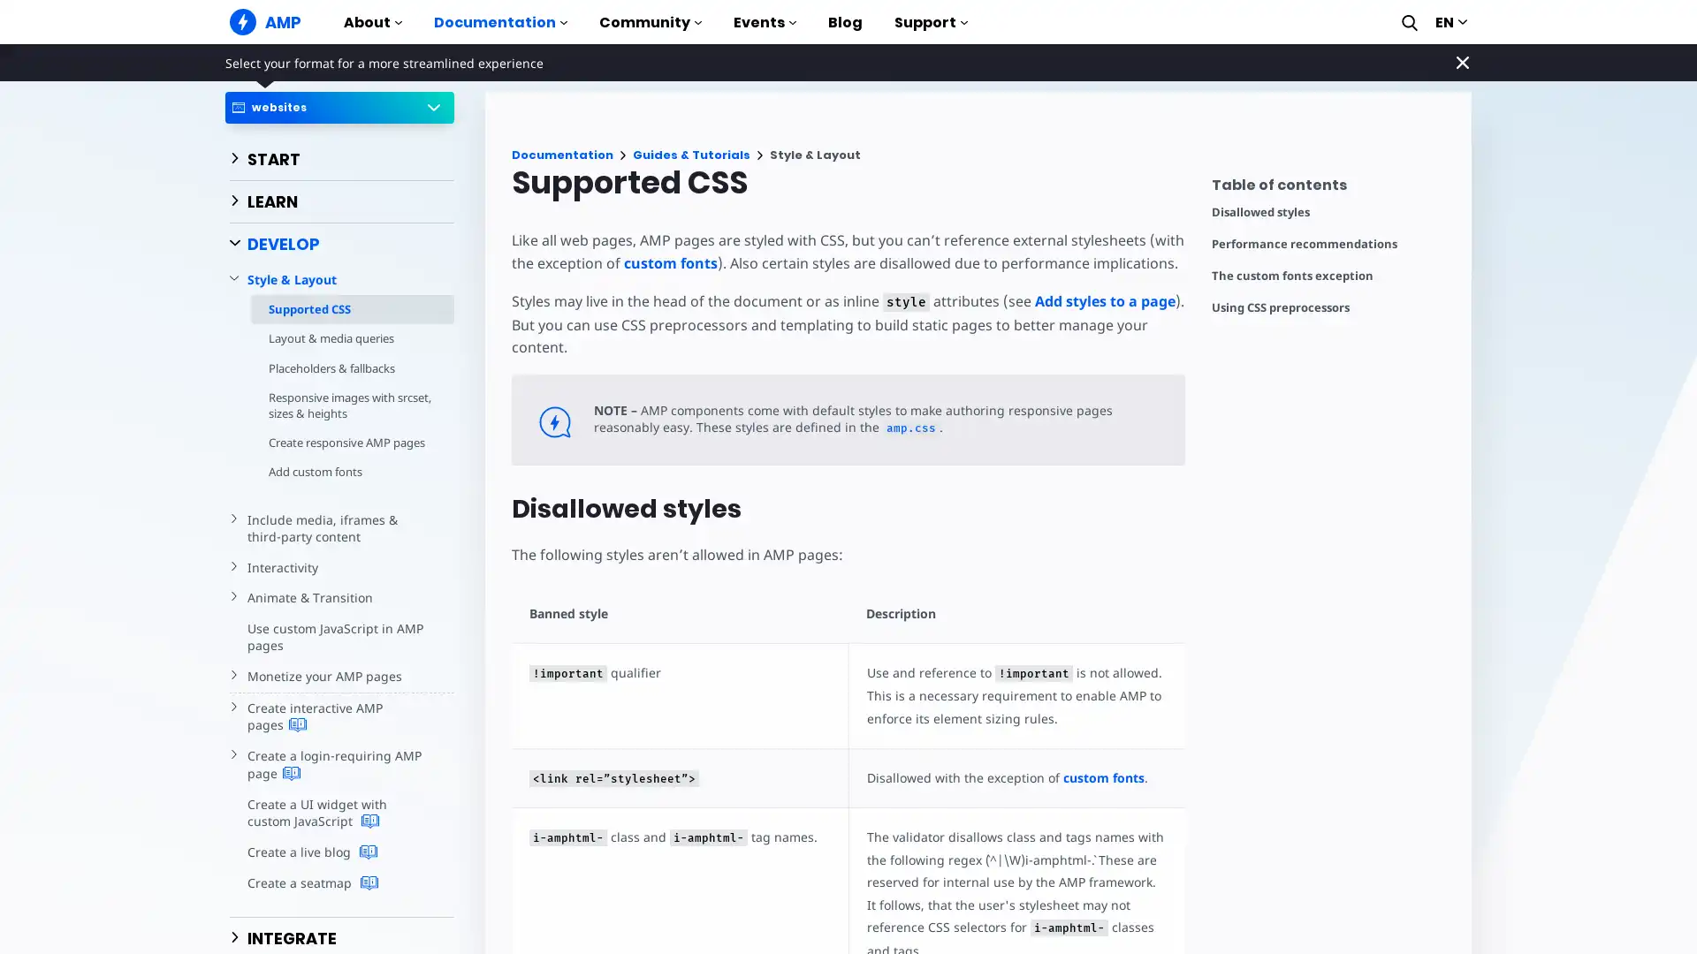 This screenshot has height=954, width=1697. I want to click on Support, so click(930, 28).